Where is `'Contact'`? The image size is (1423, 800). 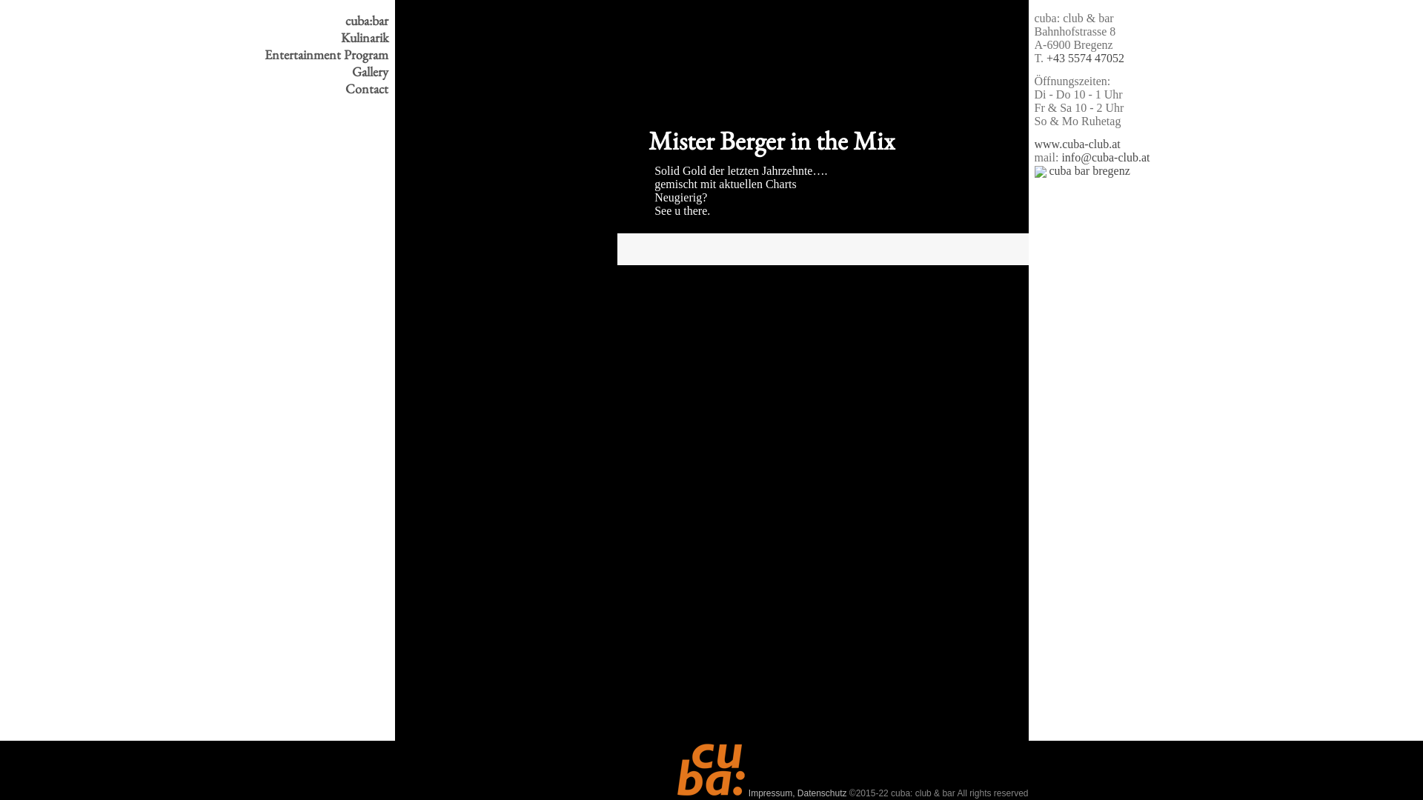
'Contact' is located at coordinates (328, 88).